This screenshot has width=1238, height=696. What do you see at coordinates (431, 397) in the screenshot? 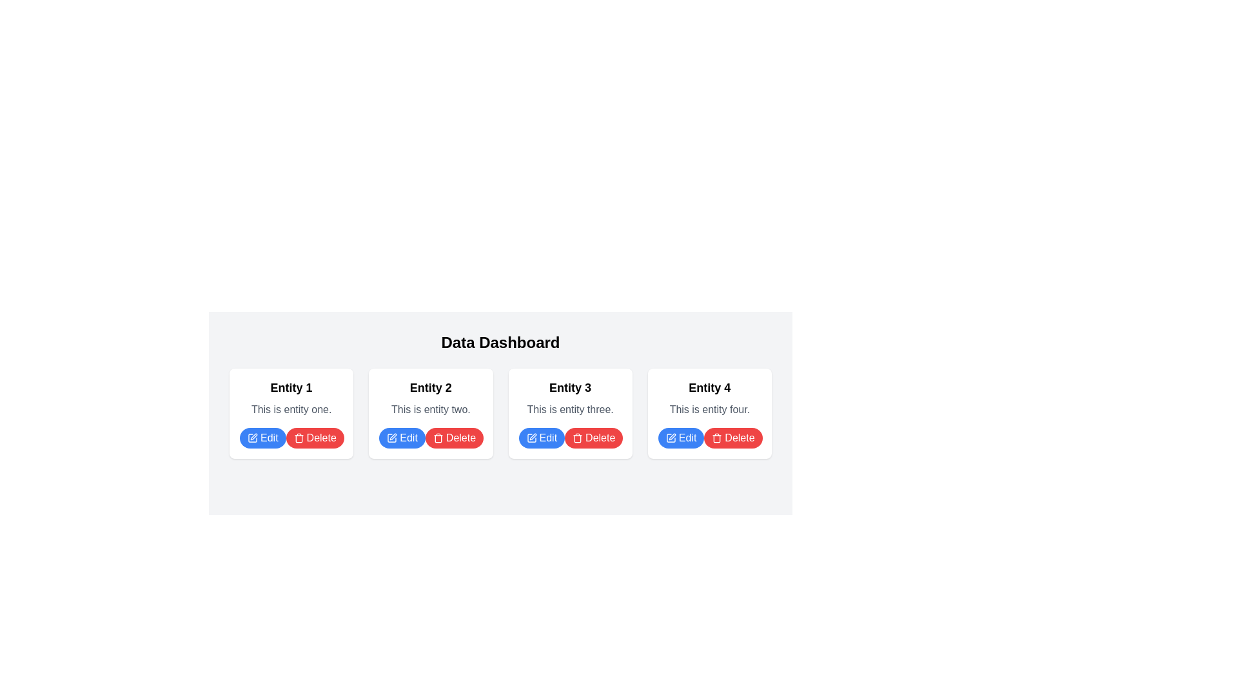
I see `the static text display component that serves as a header and description for 'Entity 2', located in the second card among a group of four cards on the page` at bounding box center [431, 397].